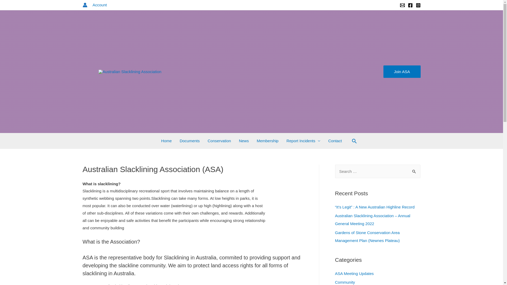  I want to click on 'Home', so click(166, 140).